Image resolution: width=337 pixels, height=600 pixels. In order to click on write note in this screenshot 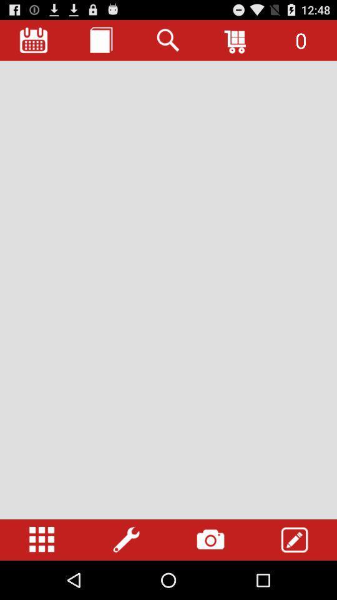, I will do `click(295, 539)`.